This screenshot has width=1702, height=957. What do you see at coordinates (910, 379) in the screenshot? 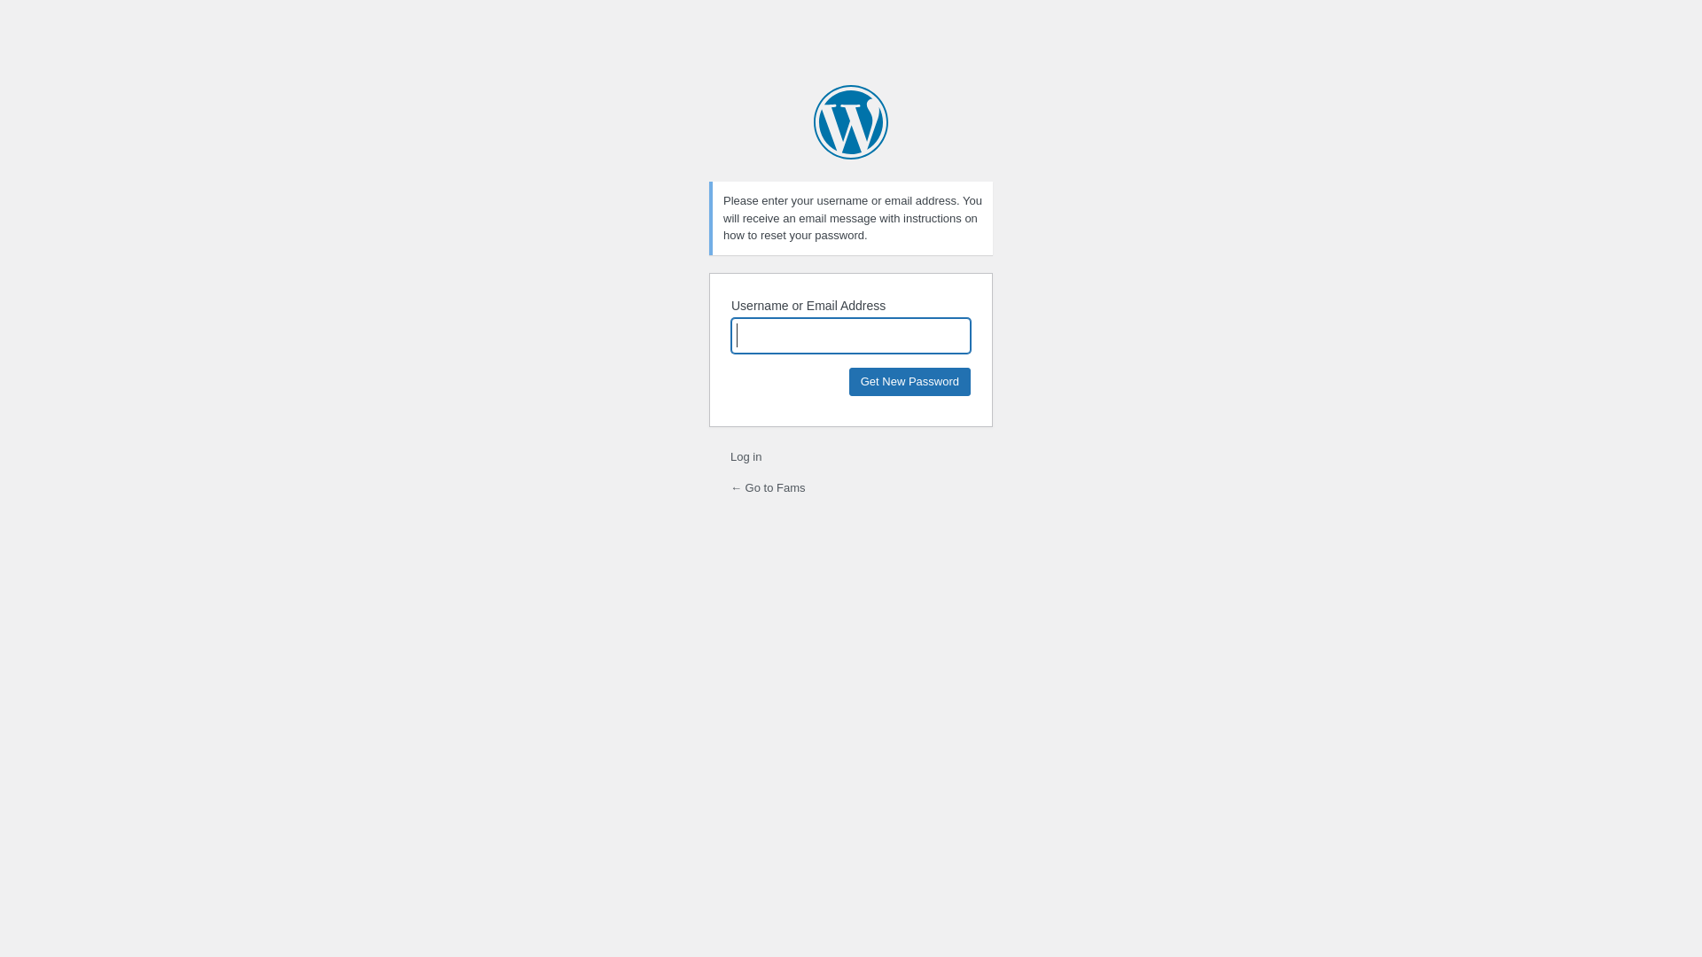
I see `'Get New Password'` at bounding box center [910, 379].